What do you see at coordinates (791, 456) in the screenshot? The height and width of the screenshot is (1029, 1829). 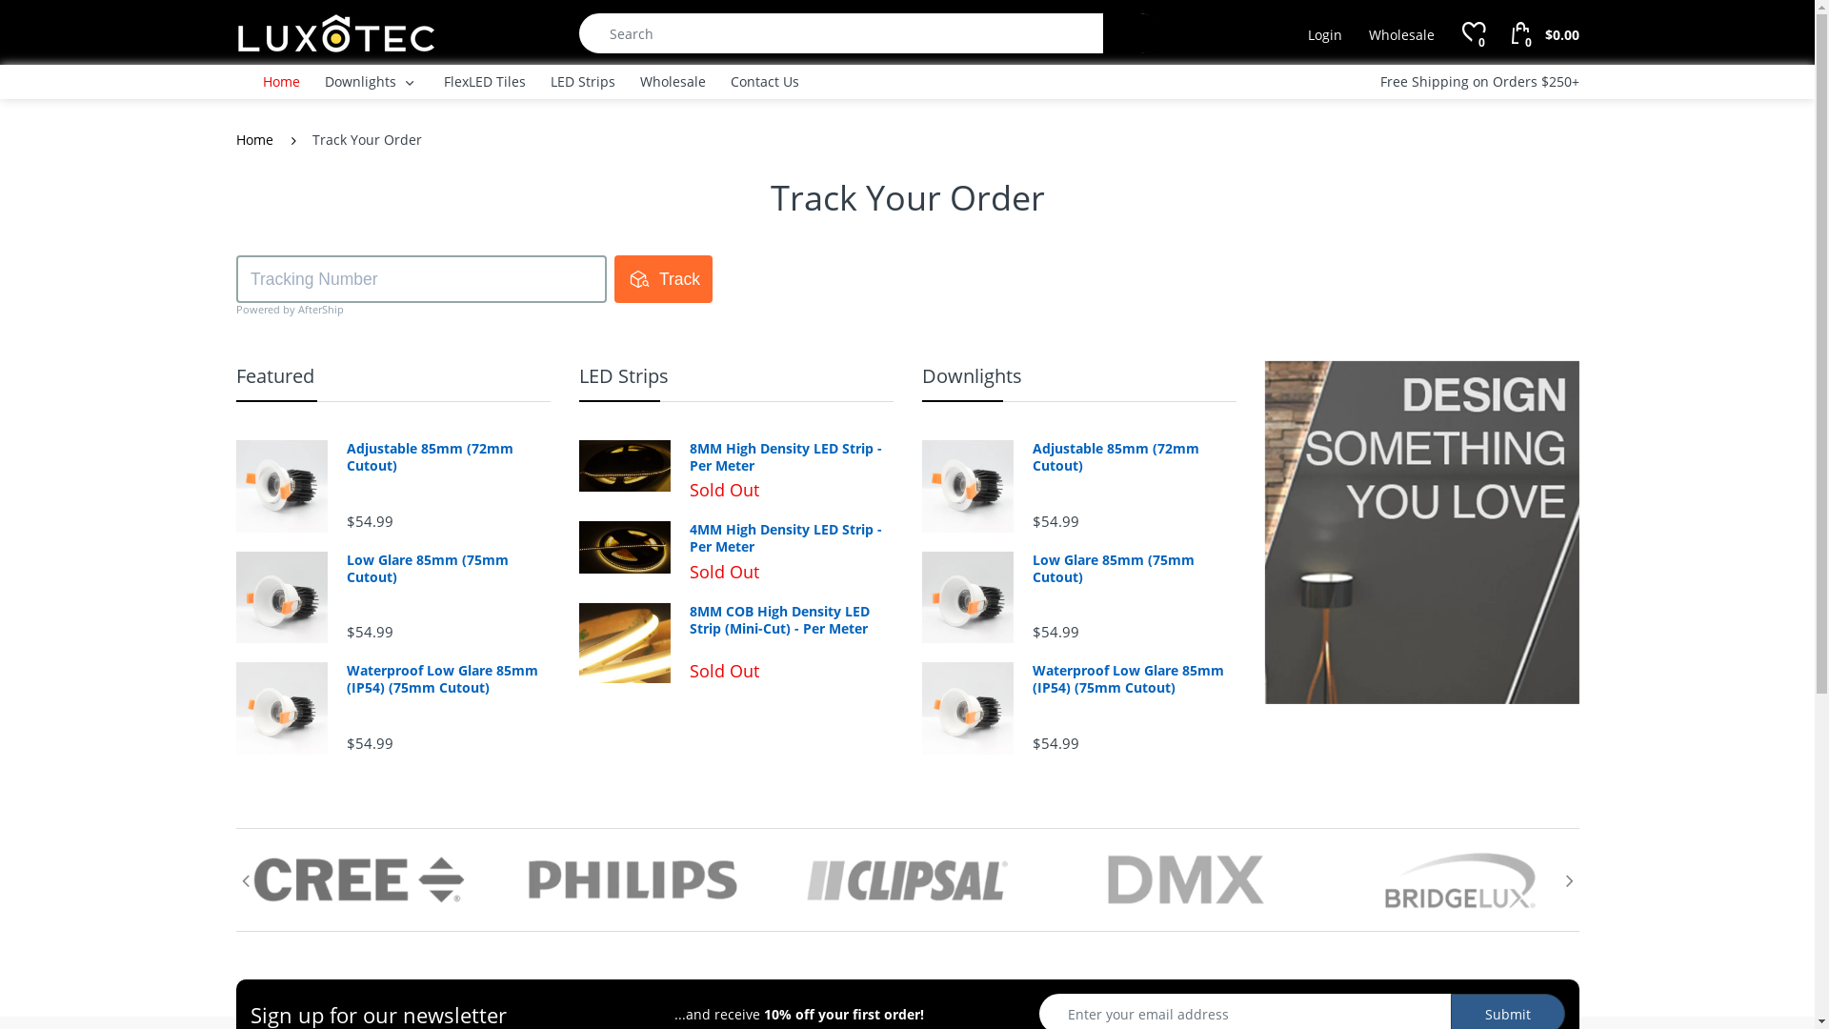 I see `'8MM High Density LED Strip - Per Meter'` at bounding box center [791, 456].